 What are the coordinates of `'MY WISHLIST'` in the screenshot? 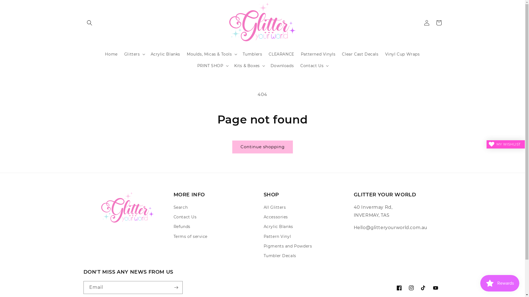 It's located at (506, 144).